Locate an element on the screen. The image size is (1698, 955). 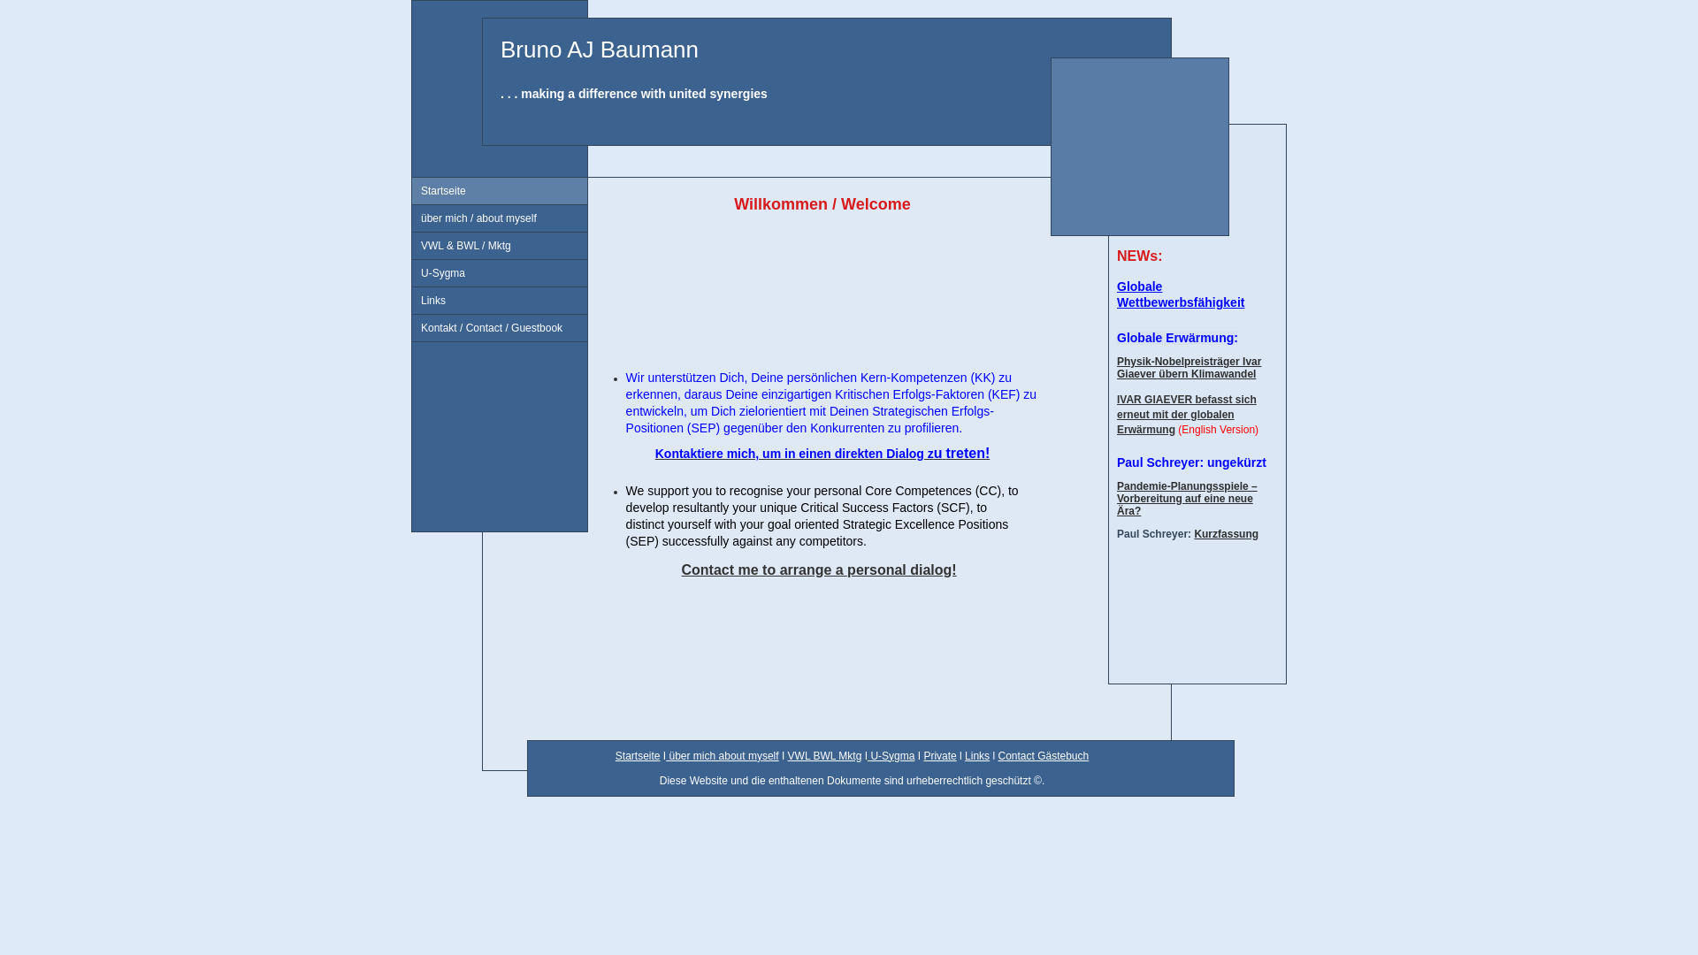
'Startseite' is located at coordinates (499, 191).